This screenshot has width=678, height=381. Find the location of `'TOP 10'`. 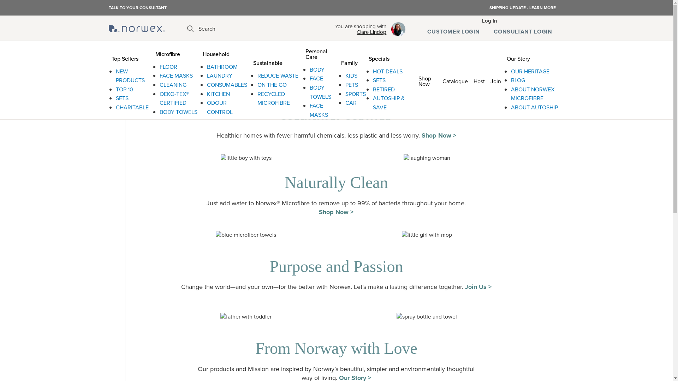

'TOP 10' is located at coordinates (124, 89).